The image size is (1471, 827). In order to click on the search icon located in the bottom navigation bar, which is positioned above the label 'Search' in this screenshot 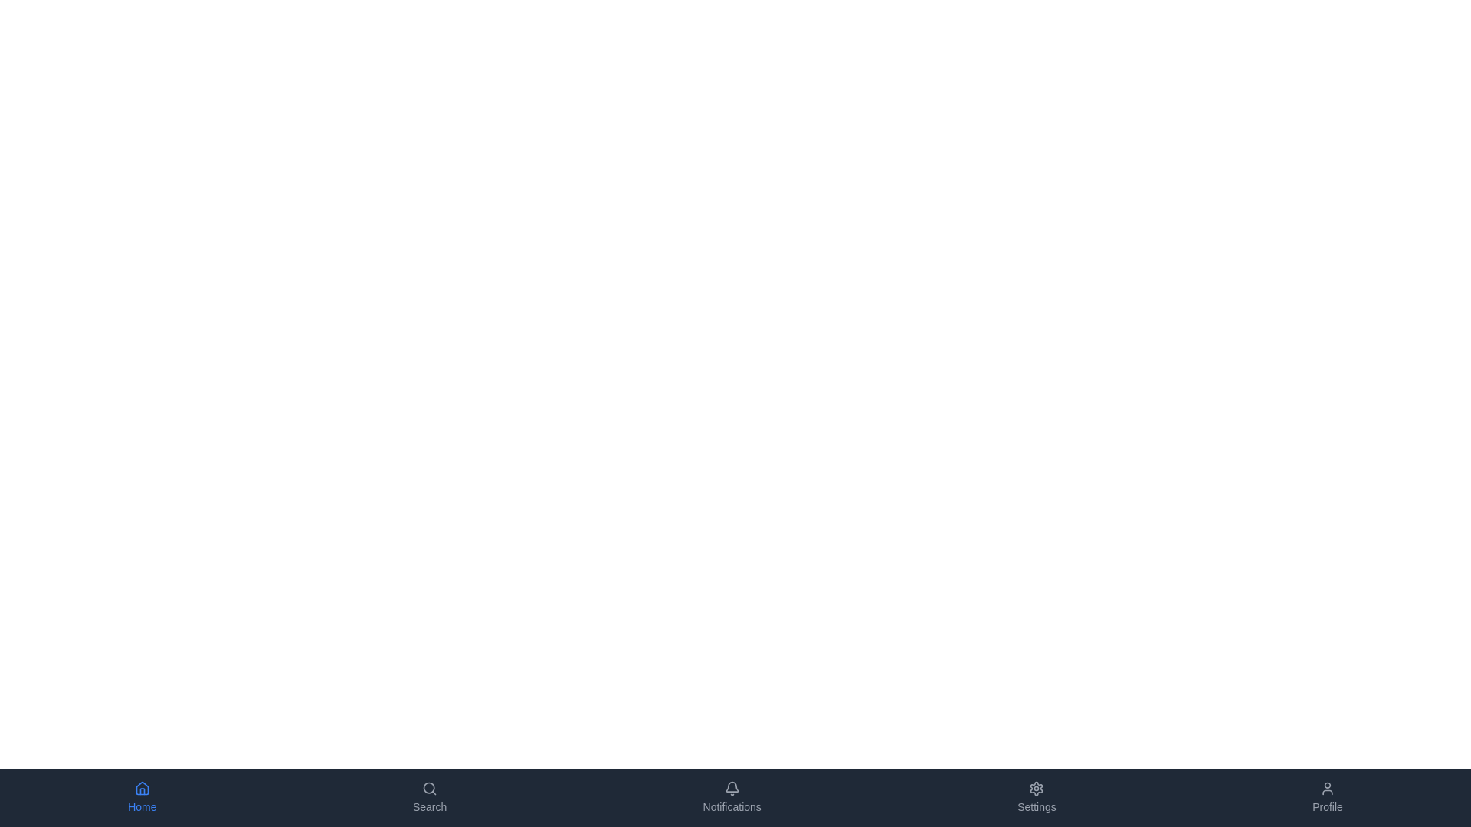, I will do `click(429, 788)`.